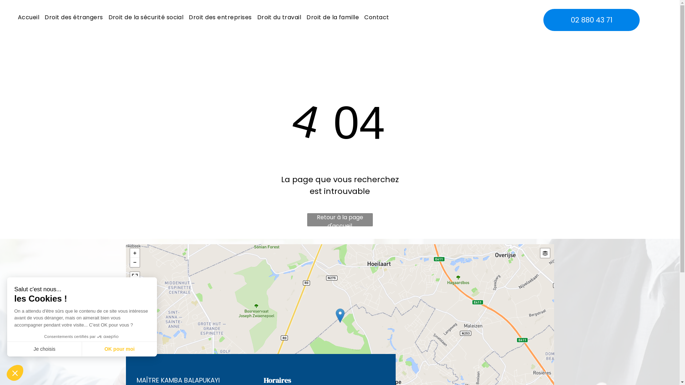  I want to click on 'Layers', so click(544, 252).